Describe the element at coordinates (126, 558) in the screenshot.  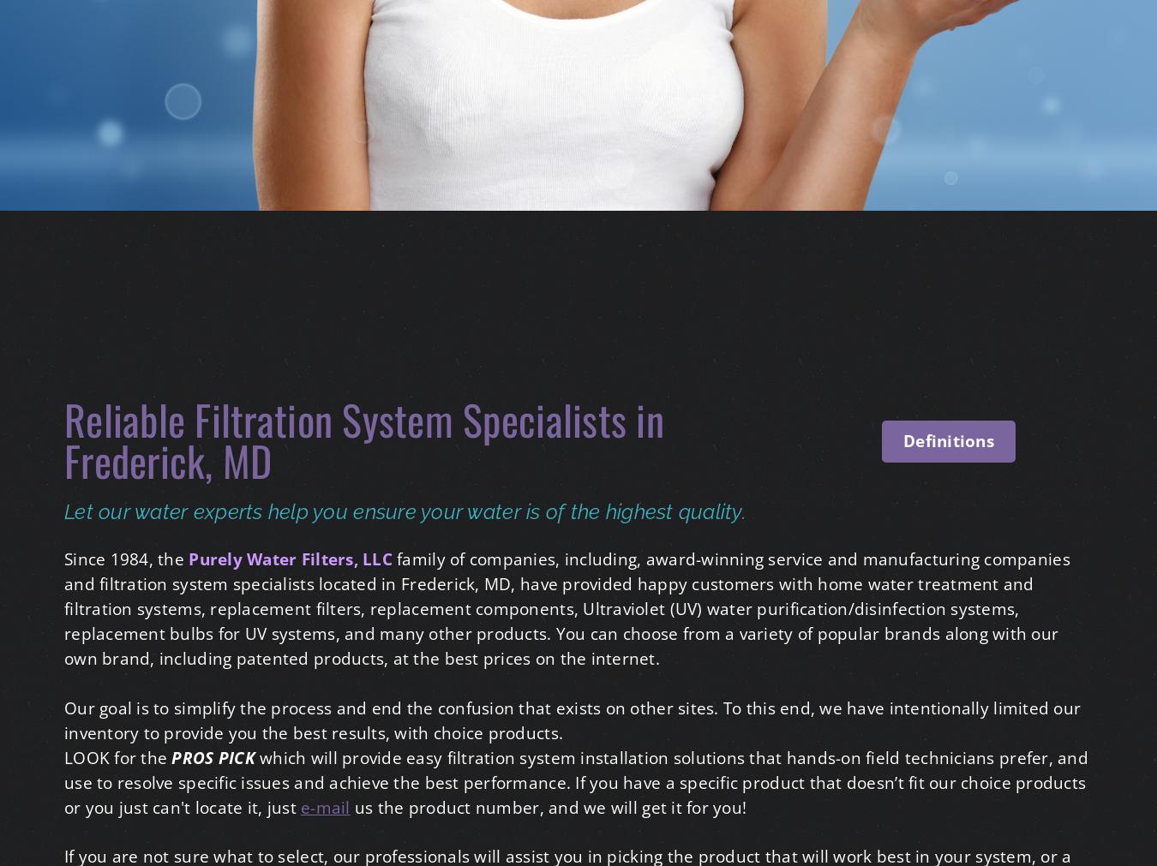
I see `'Since 1984, the'` at that location.